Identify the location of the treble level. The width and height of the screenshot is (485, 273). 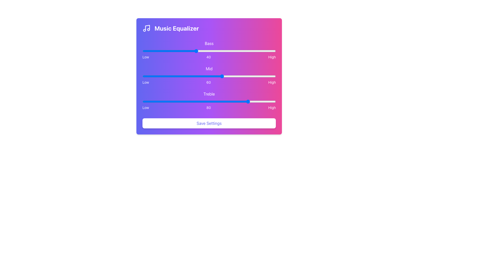
(250, 101).